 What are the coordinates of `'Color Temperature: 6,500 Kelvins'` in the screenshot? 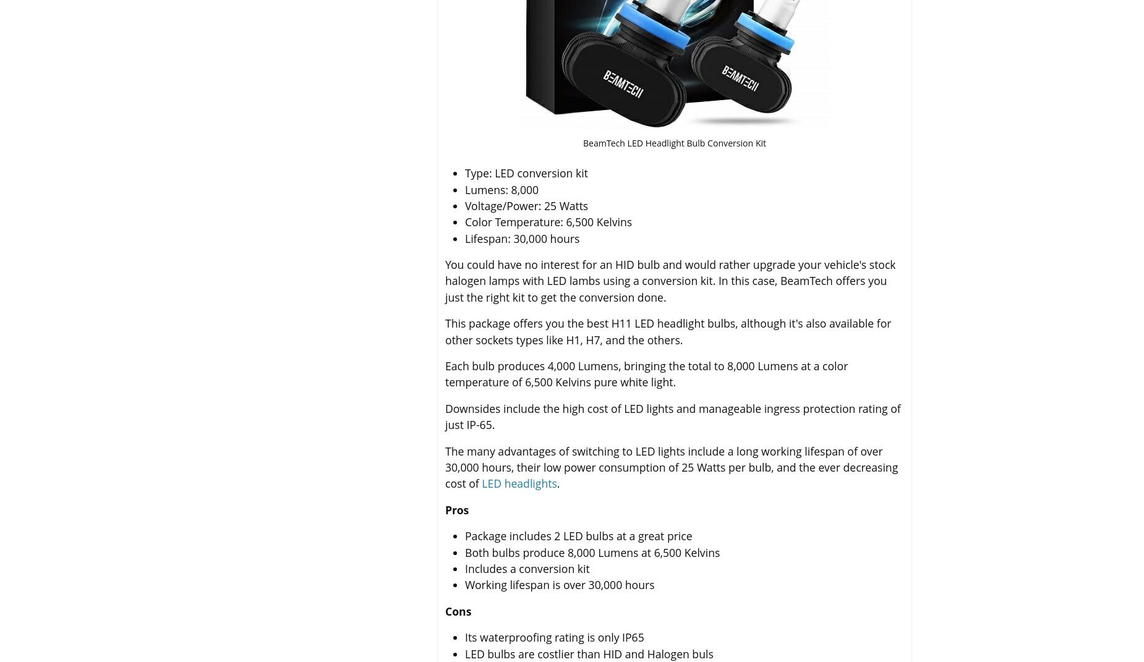 It's located at (549, 221).